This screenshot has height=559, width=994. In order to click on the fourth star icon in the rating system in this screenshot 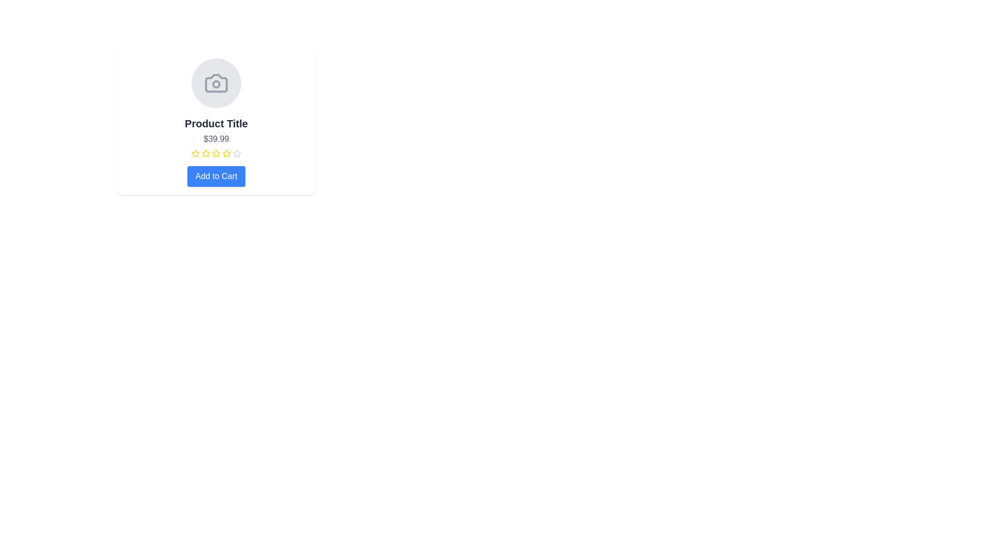, I will do `click(236, 153)`.